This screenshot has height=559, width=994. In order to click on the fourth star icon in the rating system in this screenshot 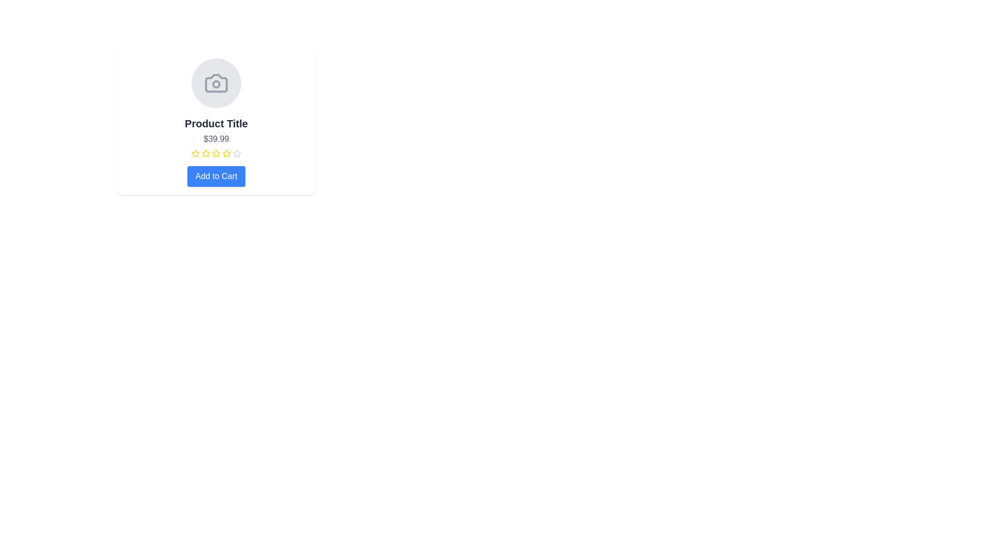, I will do `click(236, 153)`.